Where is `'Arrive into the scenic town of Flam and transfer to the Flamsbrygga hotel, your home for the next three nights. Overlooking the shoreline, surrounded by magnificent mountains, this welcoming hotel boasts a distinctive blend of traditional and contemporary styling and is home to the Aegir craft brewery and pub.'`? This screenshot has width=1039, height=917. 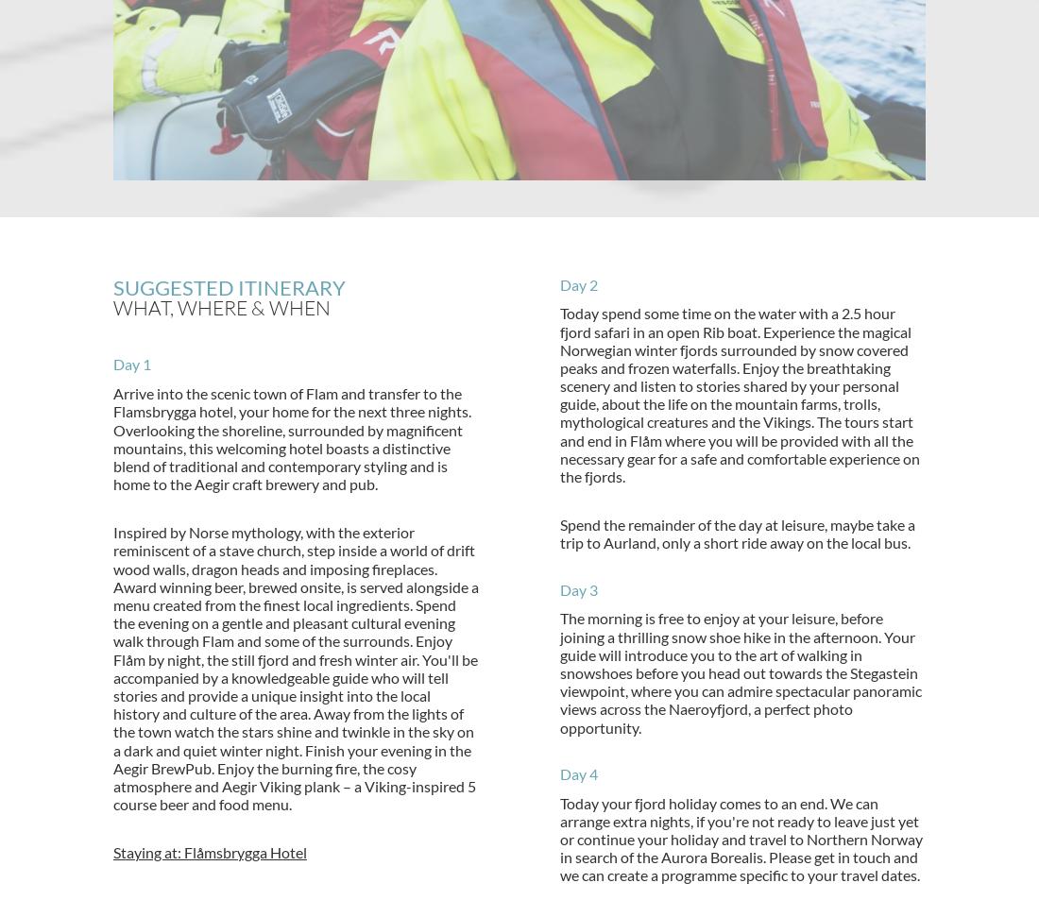
'Arrive into the scenic town of Flam and transfer to the Flamsbrygga hotel, your home for the next three nights. Overlooking the shoreline, surrounded by magnificent mountains, this welcoming hotel boasts a distinctive blend of traditional and contemporary styling and is home to the Aegir craft brewery and pub.' is located at coordinates (291, 438).